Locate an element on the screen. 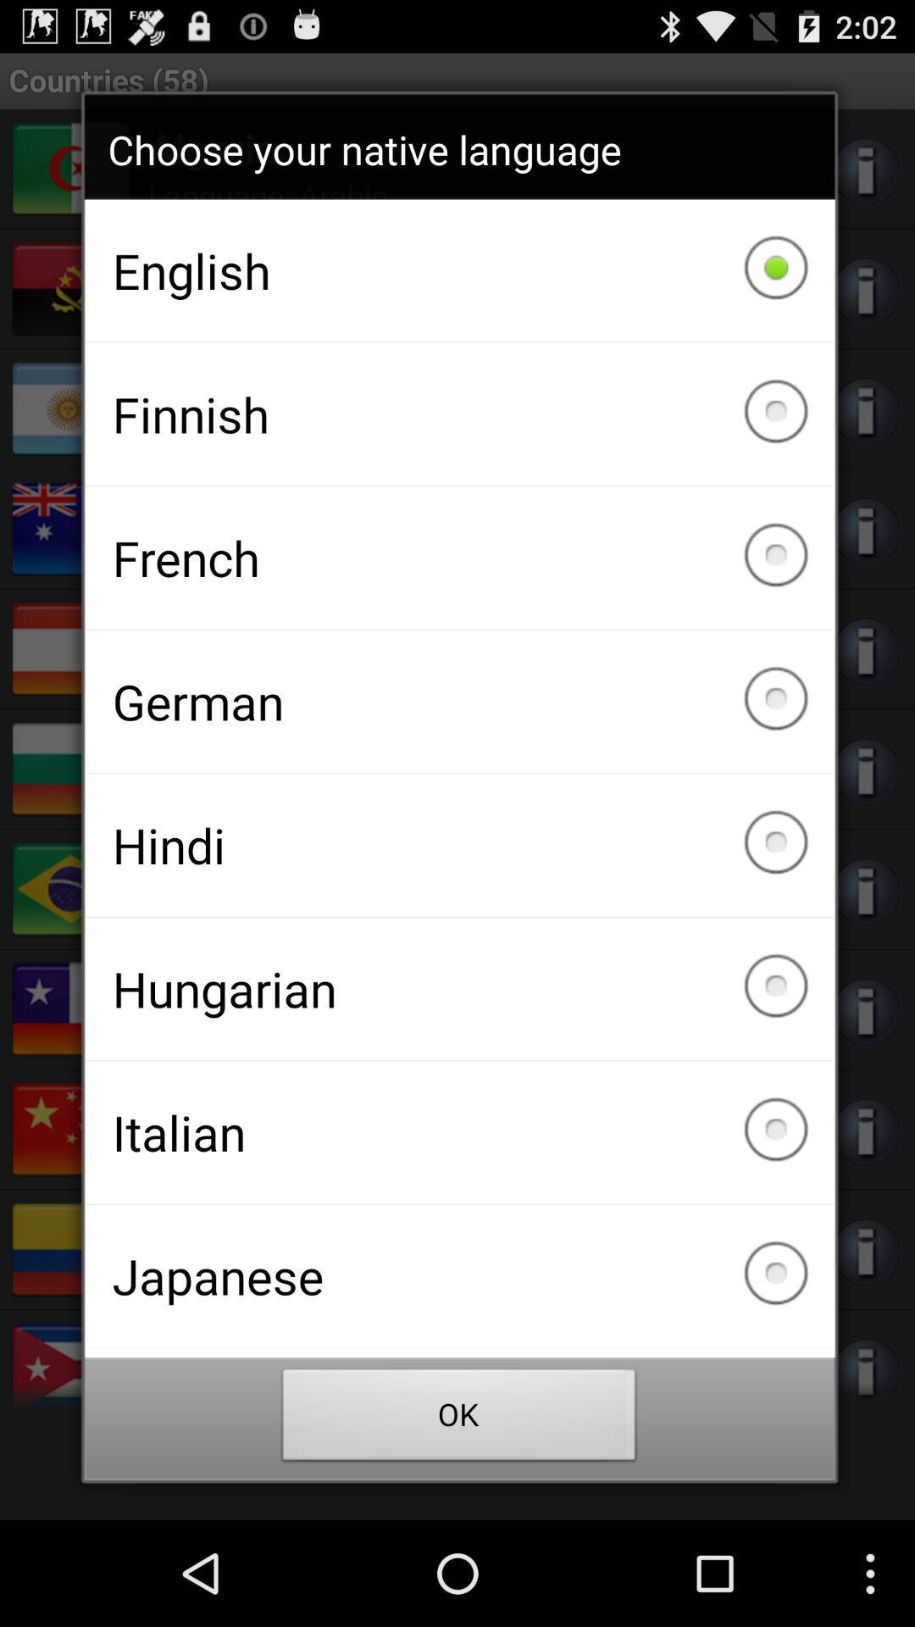  item below the korean item is located at coordinates (459, 1419).